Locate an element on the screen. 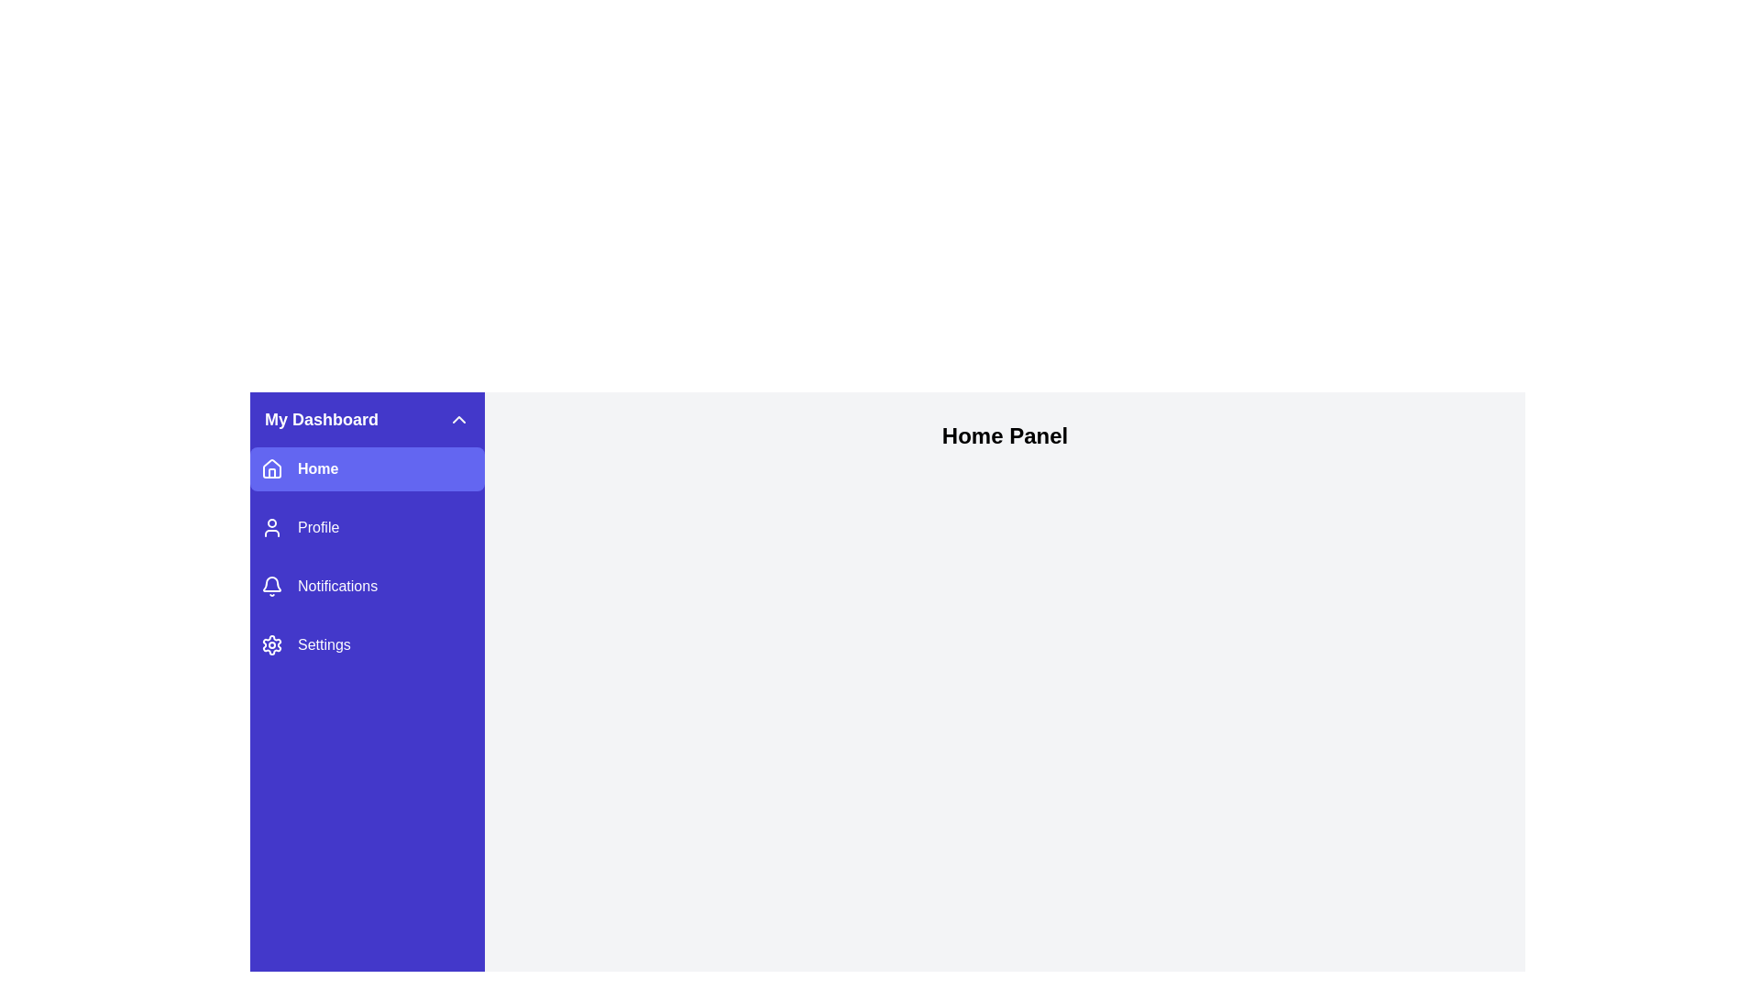 The height and width of the screenshot is (990, 1760). the navigation button located below the 'Notifications' menu item in the left sidebar is located at coordinates (367, 644).